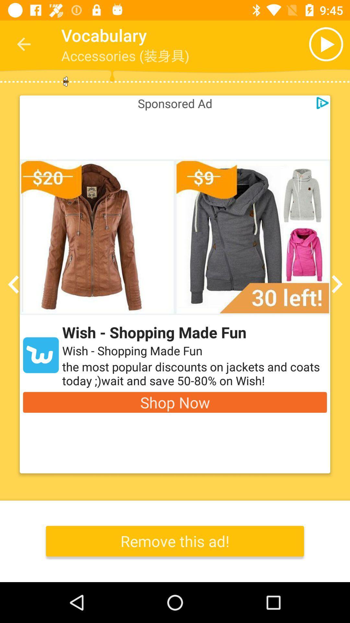  What do you see at coordinates (334, 284) in the screenshot?
I see `the arrow_forward icon` at bounding box center [334, 284].